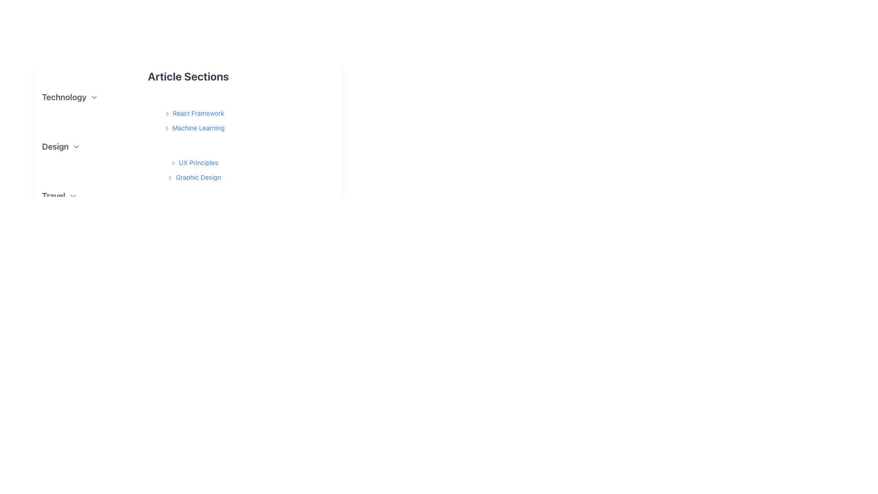  Describe the element at coordinates (166, 129) in the screenshot. I see `the 'Machine Learning' navigation link which is represented by a right-pointing arrow icon on the left side of the text` at that location.